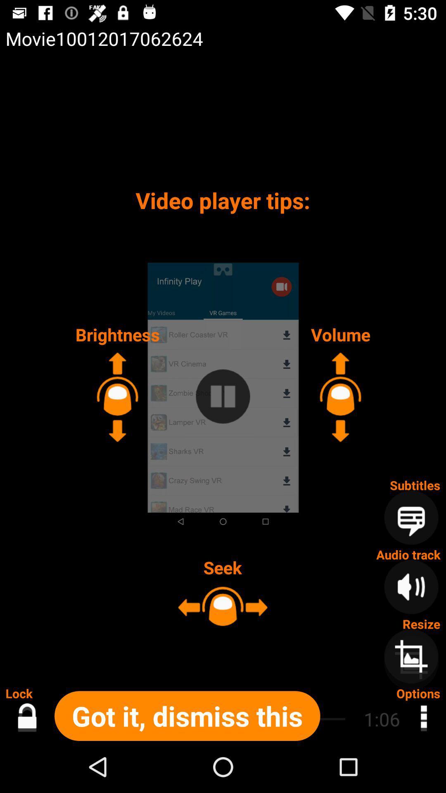  What do you see at coordinates (223, 396) in the screenshot?
I see `the pause icon` at bounding box center [223, 396].